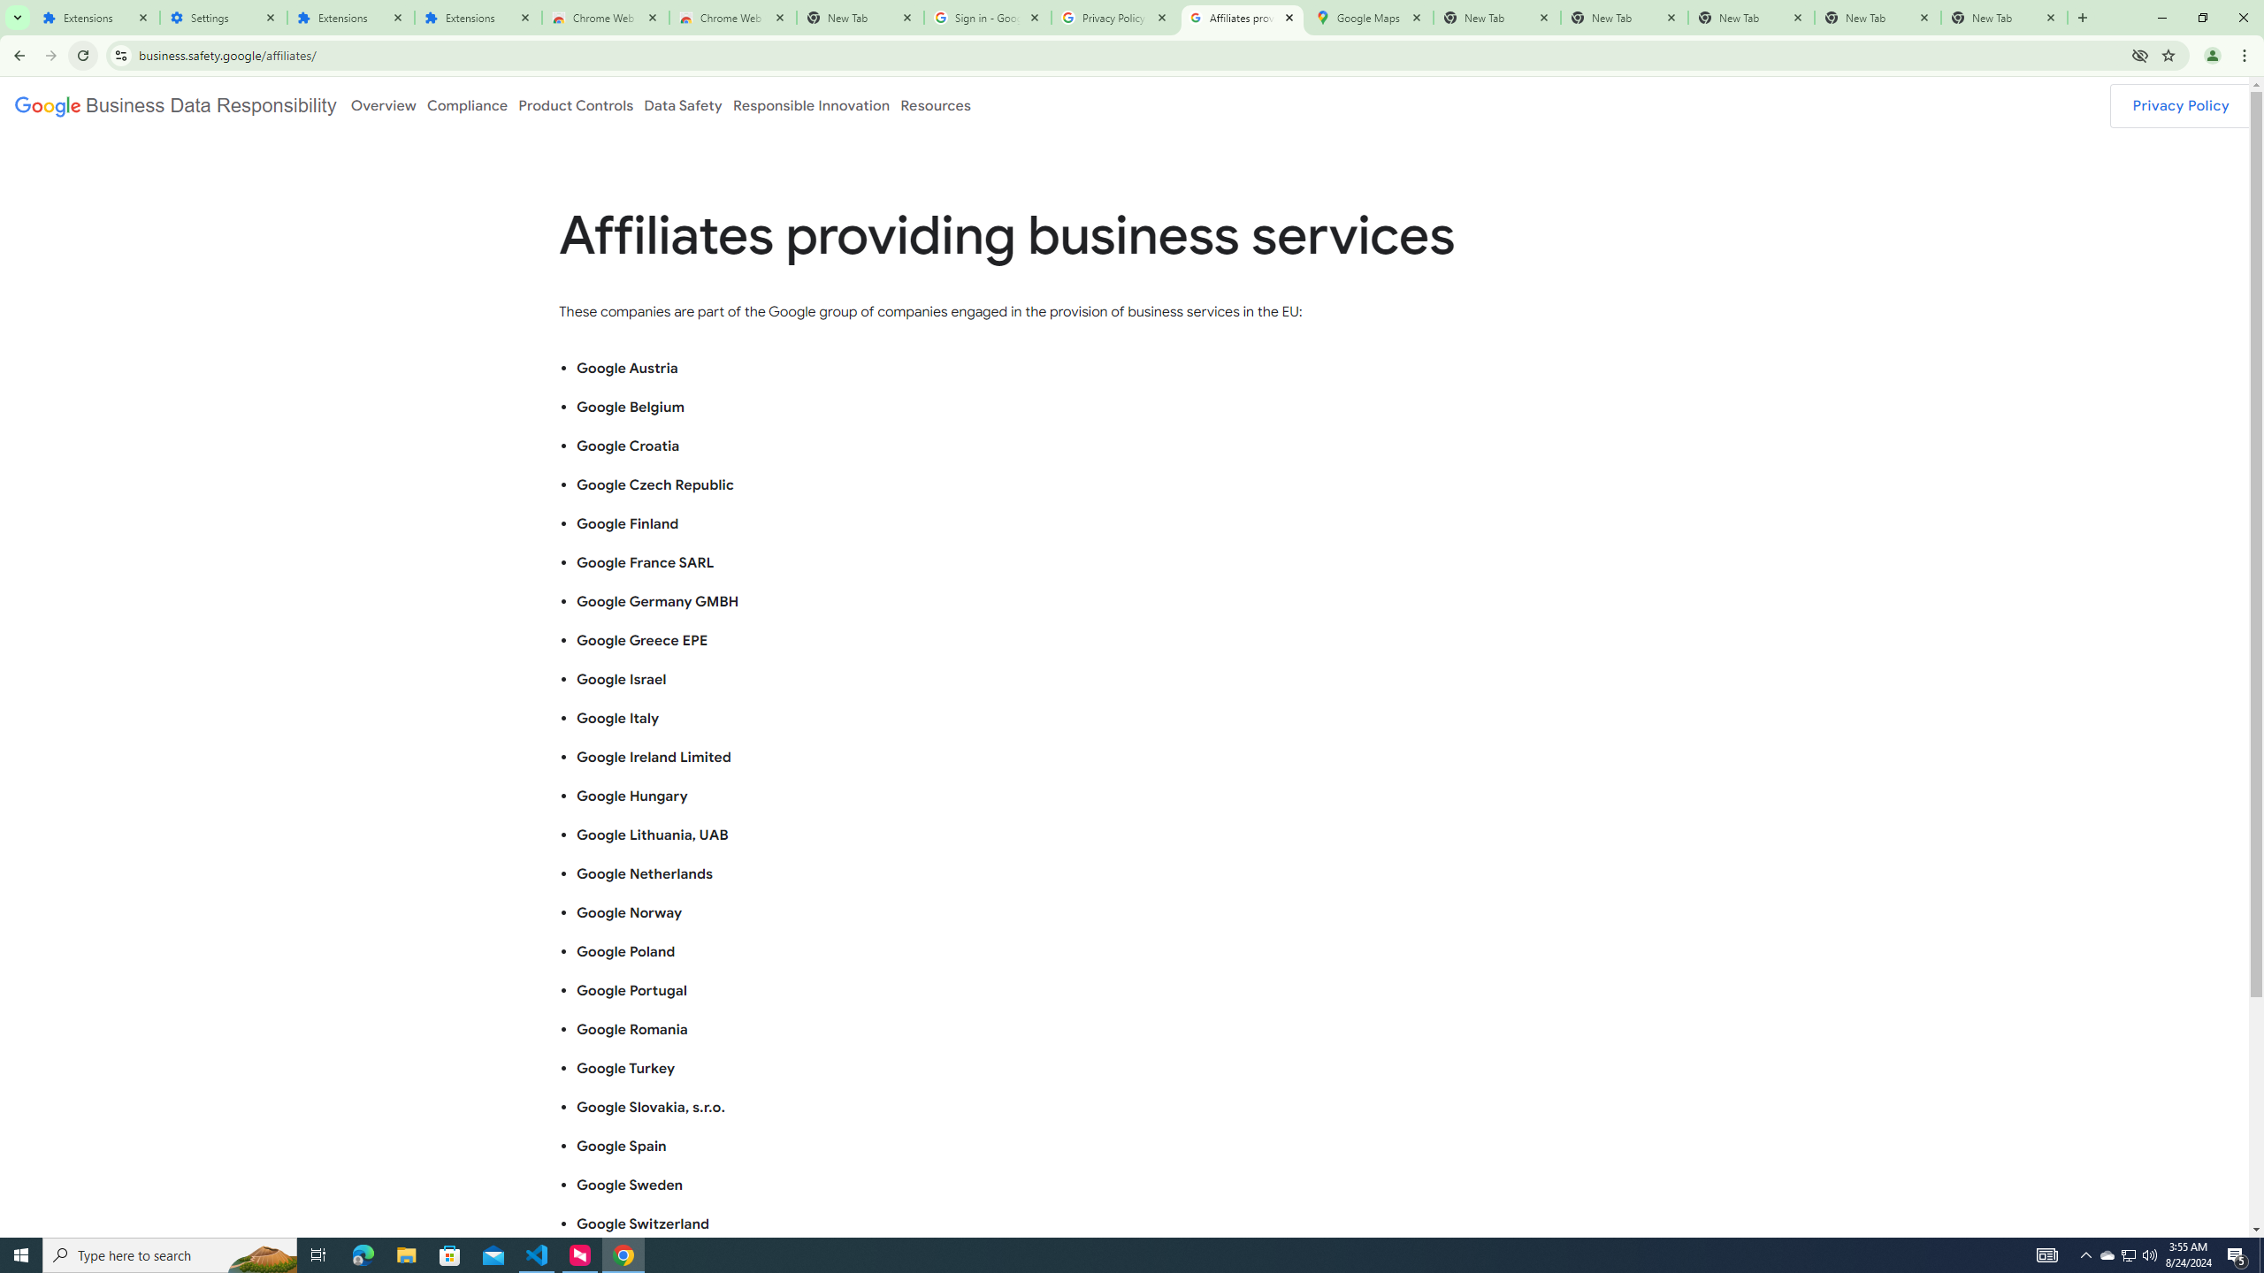 Image resolution: width=2264 pixels, height=1273 pixels. Describe the element at coordinates (935, 104) in the screenshot. I see `'Resources'` at that location.